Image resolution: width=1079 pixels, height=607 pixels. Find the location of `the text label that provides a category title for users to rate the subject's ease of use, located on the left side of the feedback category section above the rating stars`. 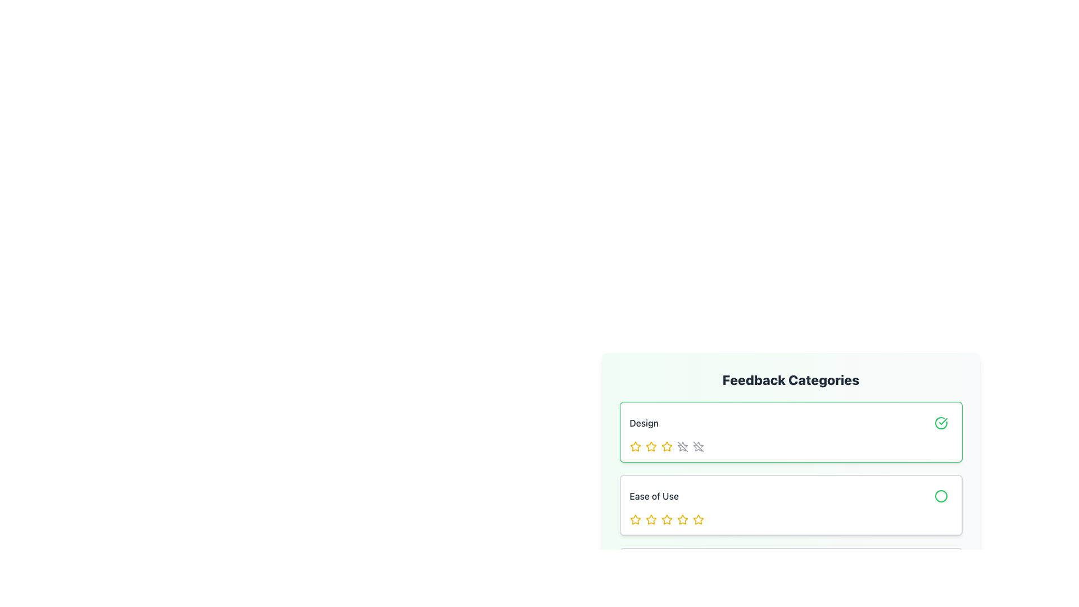

the text label that provides a category title for users to rate the subject's ease of use, located on the left side of the feedback category section above the rating stars is located at coordinates (654, 496).